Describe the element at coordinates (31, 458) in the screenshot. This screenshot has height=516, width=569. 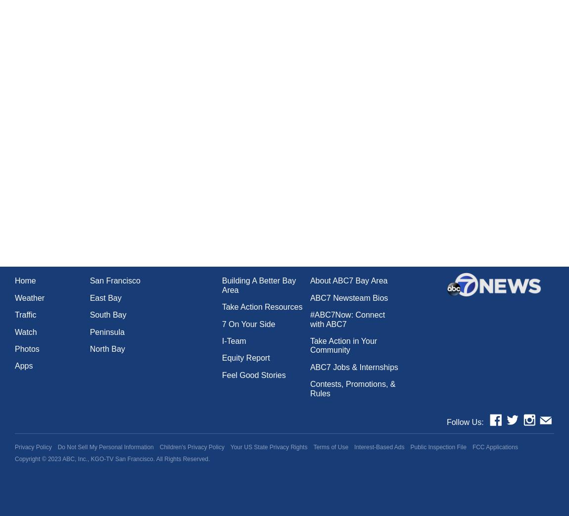
I see `'Copyright ©'` at that location.